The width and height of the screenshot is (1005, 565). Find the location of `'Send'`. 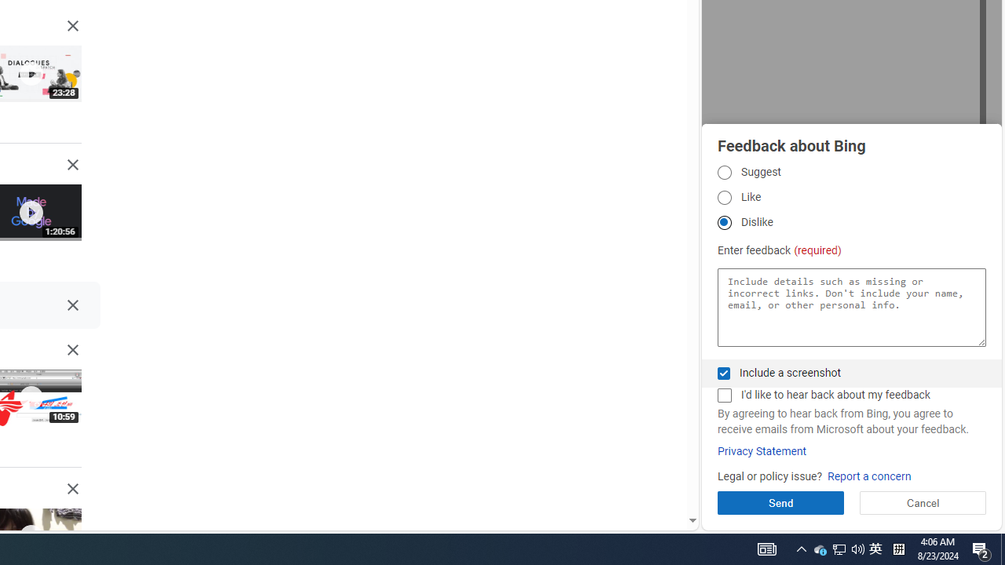

'Send' is located at coordinates (780, 502).